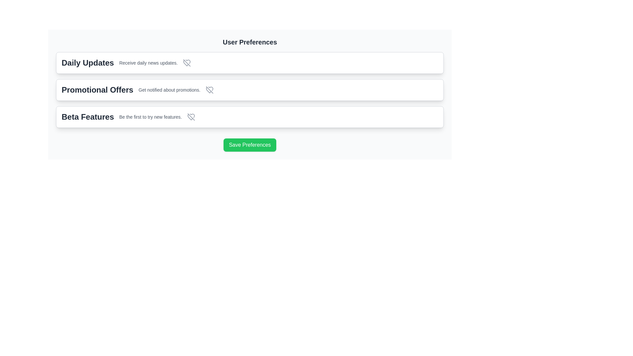 The width and height of the screenshot is (633, 356). I want to click on the text label displaying 'Get notified about promotions.' which is positioned beneath the 'Promotional Offers' title, so click(169, 90).